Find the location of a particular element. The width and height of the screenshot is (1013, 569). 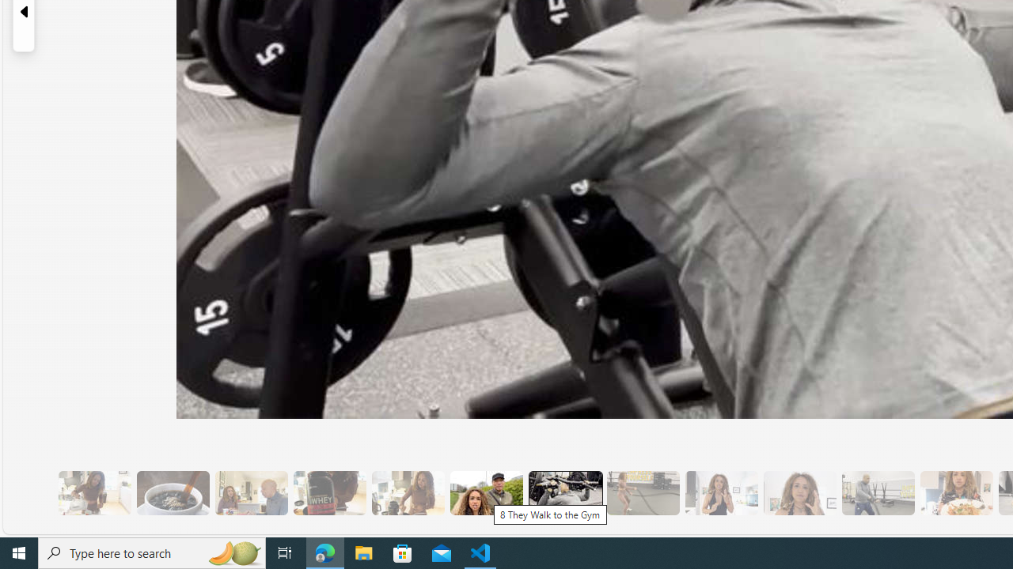

'5 She Eats Less Than Her Husband' is located at coordinates (250, 492).